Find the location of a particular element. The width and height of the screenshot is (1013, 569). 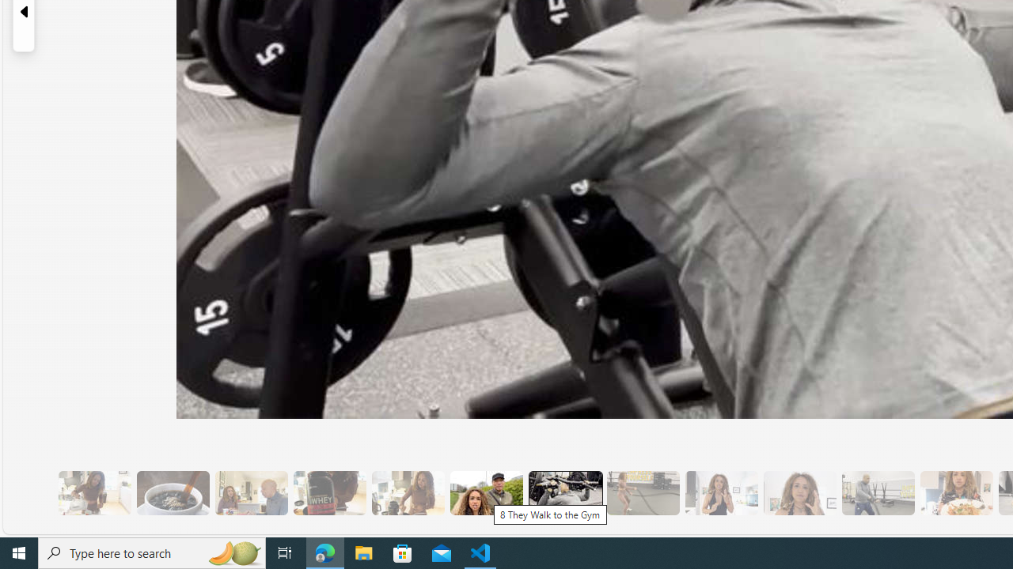

'5 She Eats Less Than Her Husband' is located at coordinates (250, 492).